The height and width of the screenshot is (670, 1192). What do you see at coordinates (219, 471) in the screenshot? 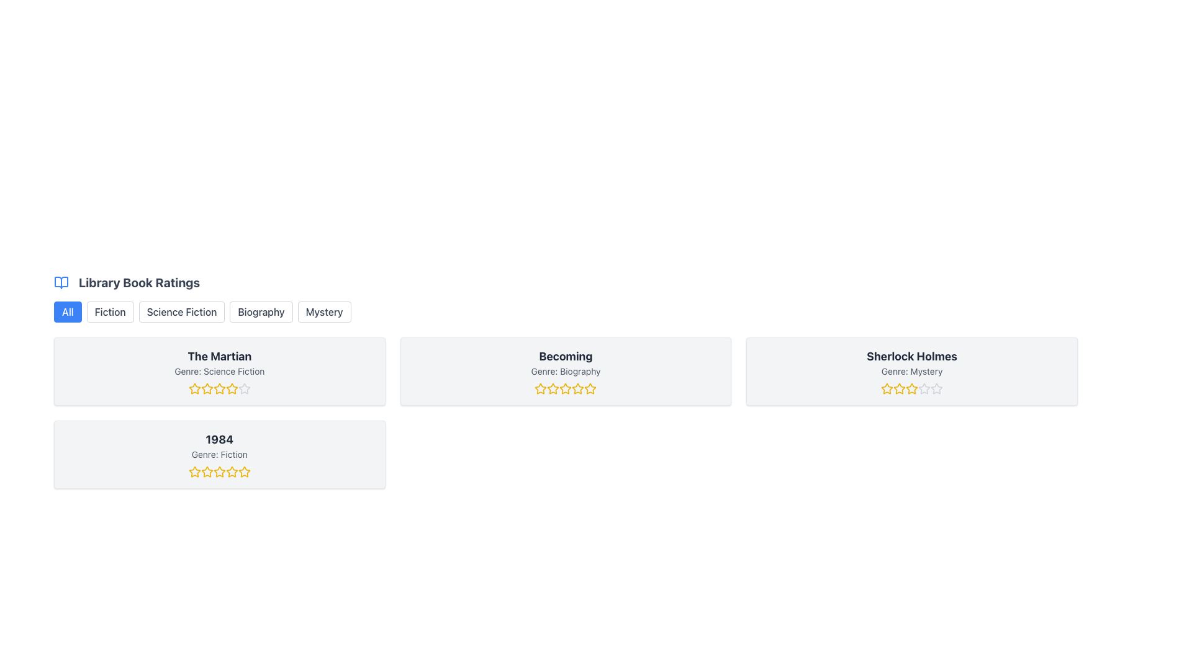
I see `the third interactive graphical rating star in the 5-star rating widget for the book '1984'` at bounding box center [219, 471].